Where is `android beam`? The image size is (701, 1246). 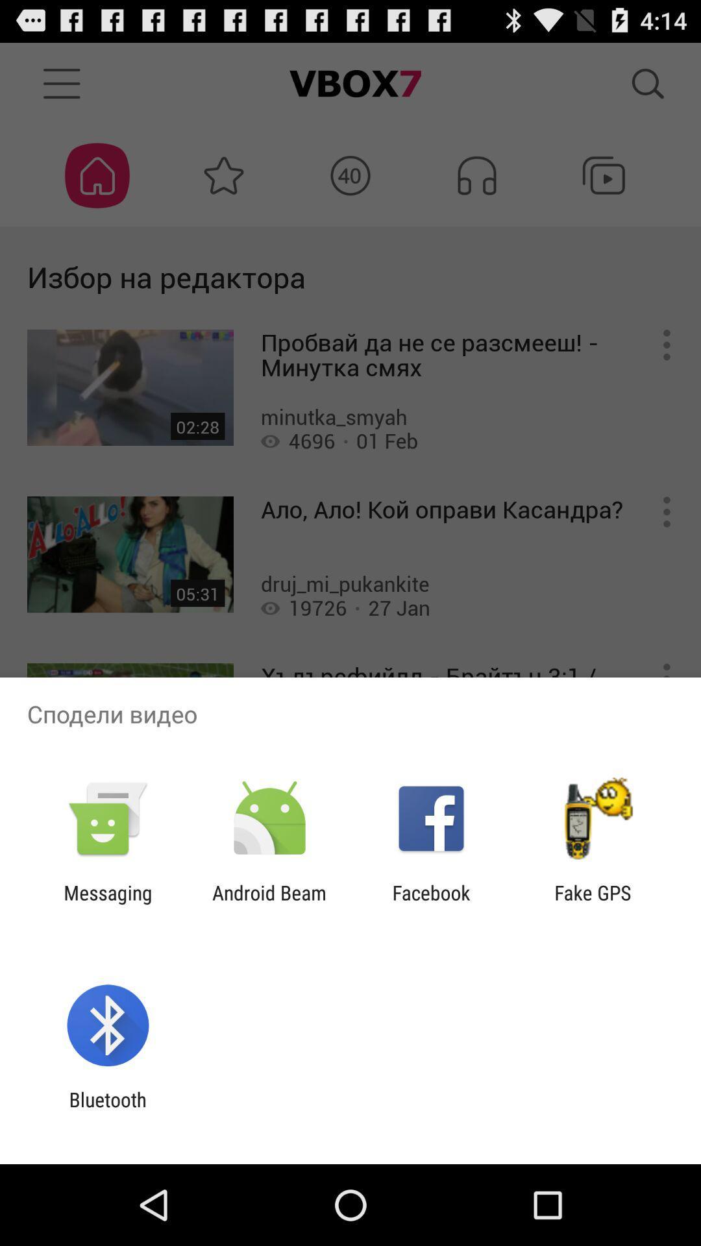
android beam is located at coordinates (269, 903).